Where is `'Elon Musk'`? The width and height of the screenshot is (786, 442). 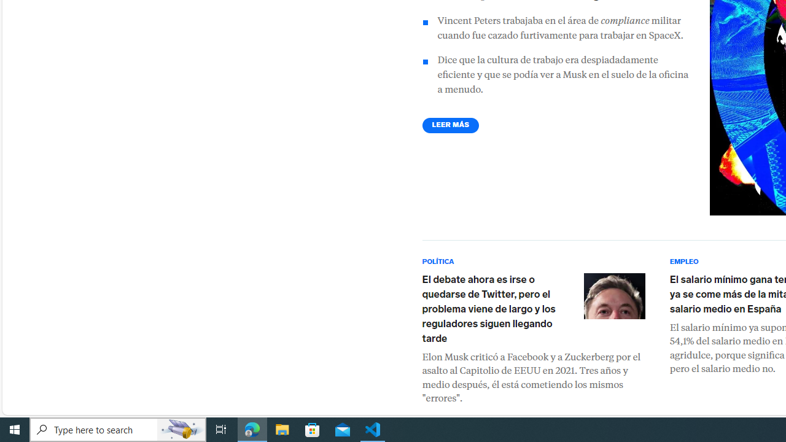 'Elon Musk' is located at coordinates (614, 296).